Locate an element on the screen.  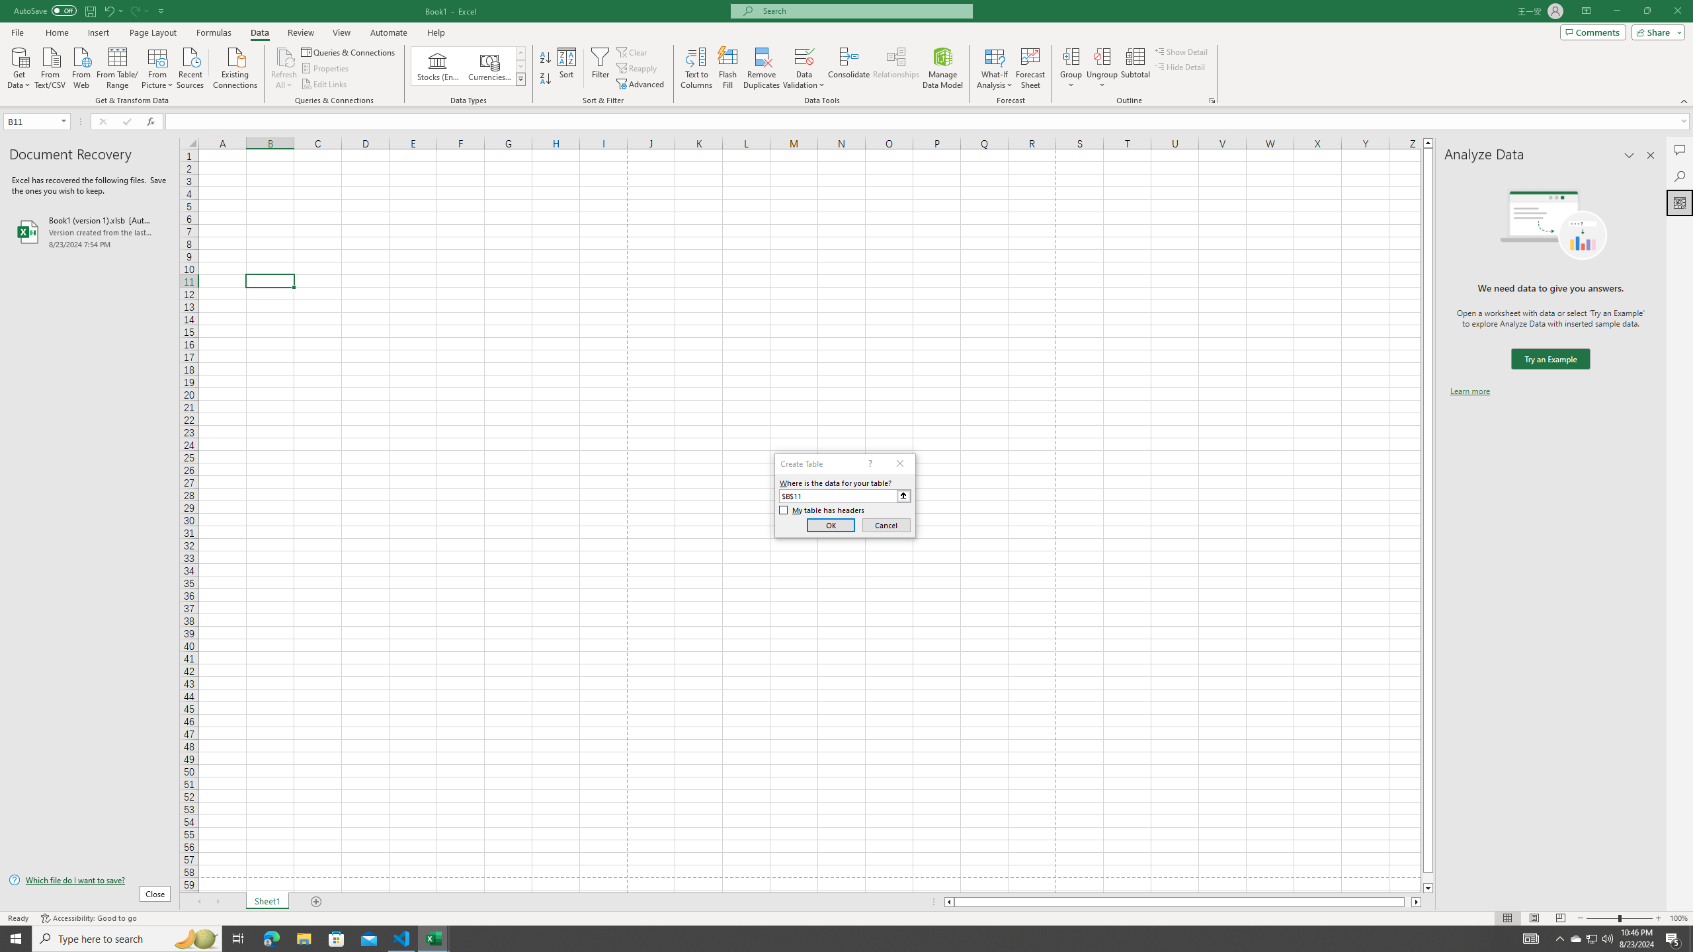
'Analyze Data' is located at coordinates (1679, 202).